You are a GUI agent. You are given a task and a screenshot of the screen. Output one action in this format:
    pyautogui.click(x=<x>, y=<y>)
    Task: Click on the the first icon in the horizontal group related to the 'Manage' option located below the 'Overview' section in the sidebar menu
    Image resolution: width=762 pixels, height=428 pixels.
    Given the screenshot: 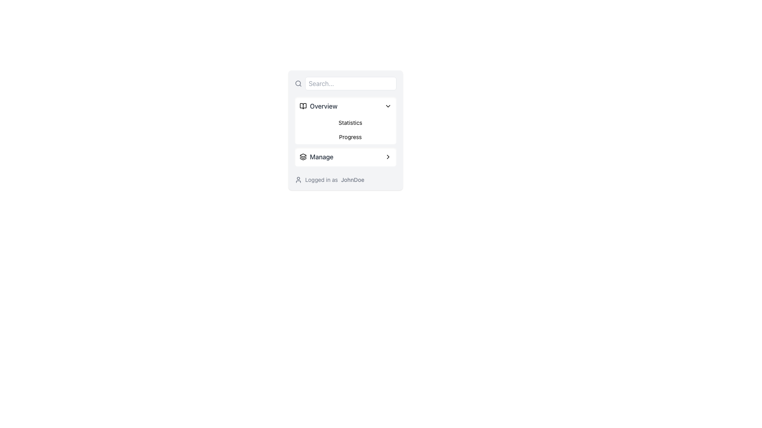 What is the action you would take?
    pyautogui.click(x=302, y=157)
    